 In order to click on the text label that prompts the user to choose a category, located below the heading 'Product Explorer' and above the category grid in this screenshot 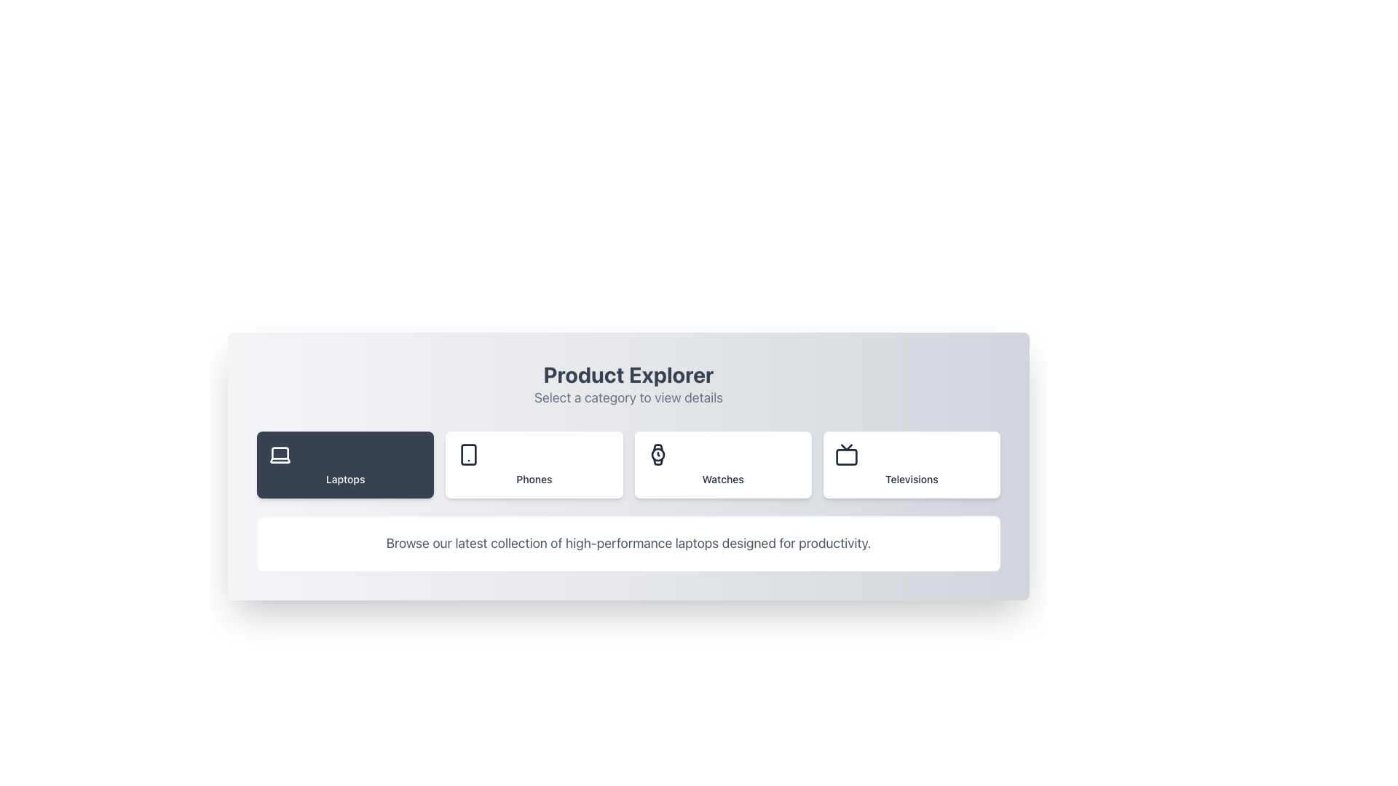, I will do `click(628, 398)`.